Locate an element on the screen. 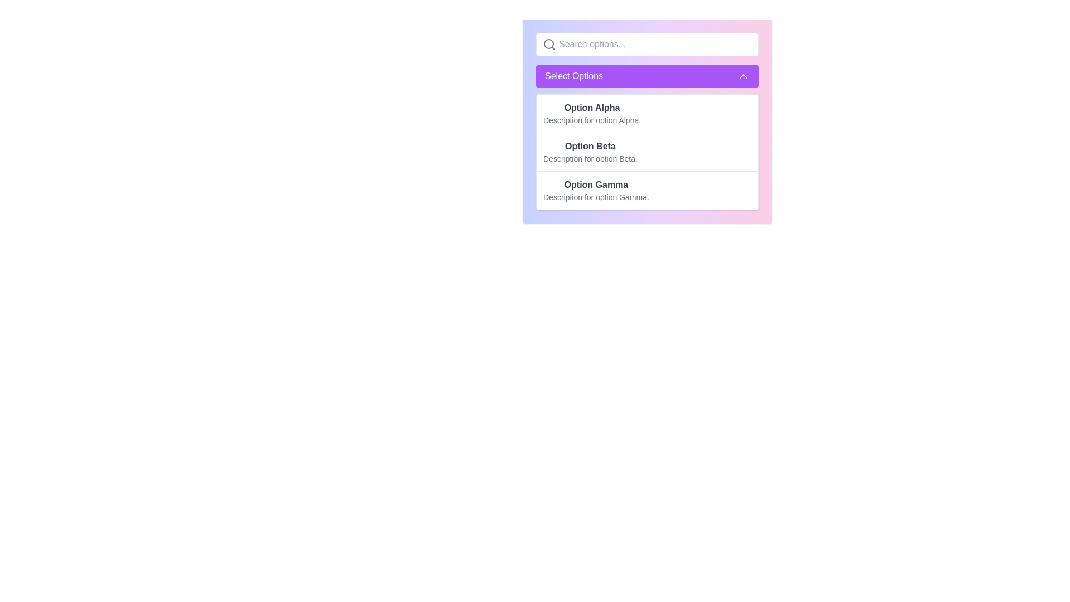 This screenshot has height=602, width=1070. the text label that describes the 'Option Gamma' entry in the dropdown selection list, located beneath the bolded title of this option is located at coordinates (596, 197).